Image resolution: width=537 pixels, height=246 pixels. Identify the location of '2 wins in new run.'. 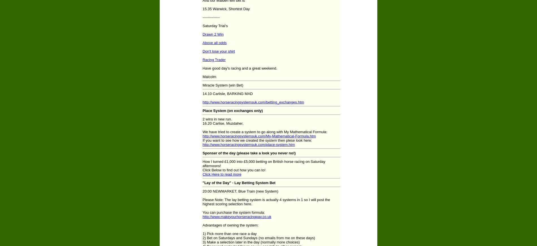
(216, 119).